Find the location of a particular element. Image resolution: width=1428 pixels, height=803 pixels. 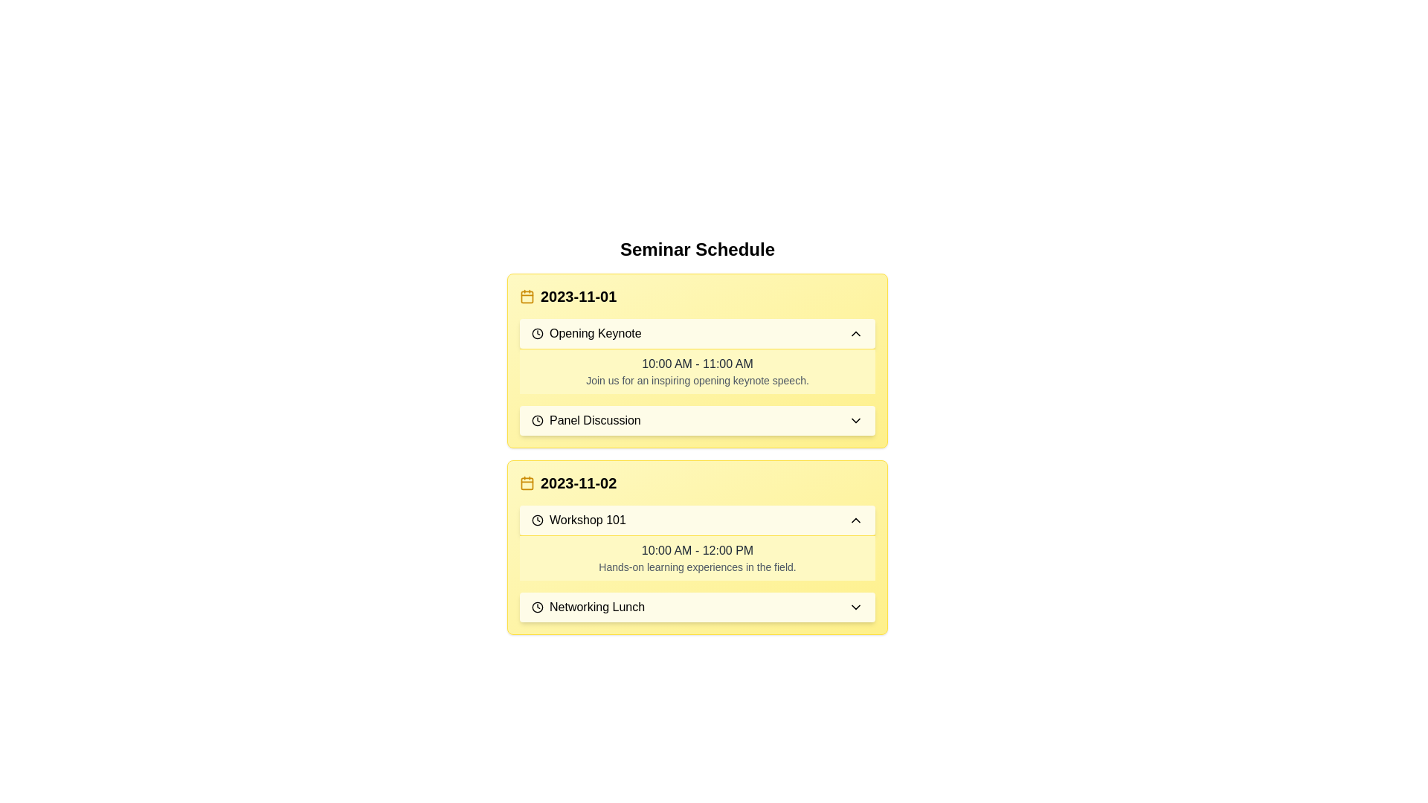

the yellow-colored calendar icon, which features a minimalistic design with rounded corners and a grid-like interior pattern is located at coordinates (527, 483).